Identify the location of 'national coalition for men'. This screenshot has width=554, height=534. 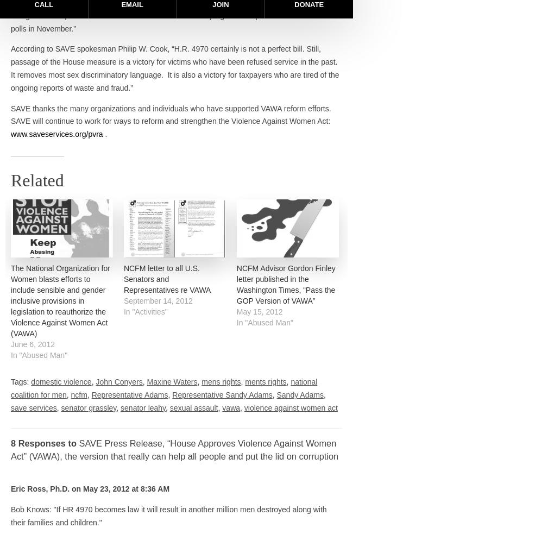
(164, 388).